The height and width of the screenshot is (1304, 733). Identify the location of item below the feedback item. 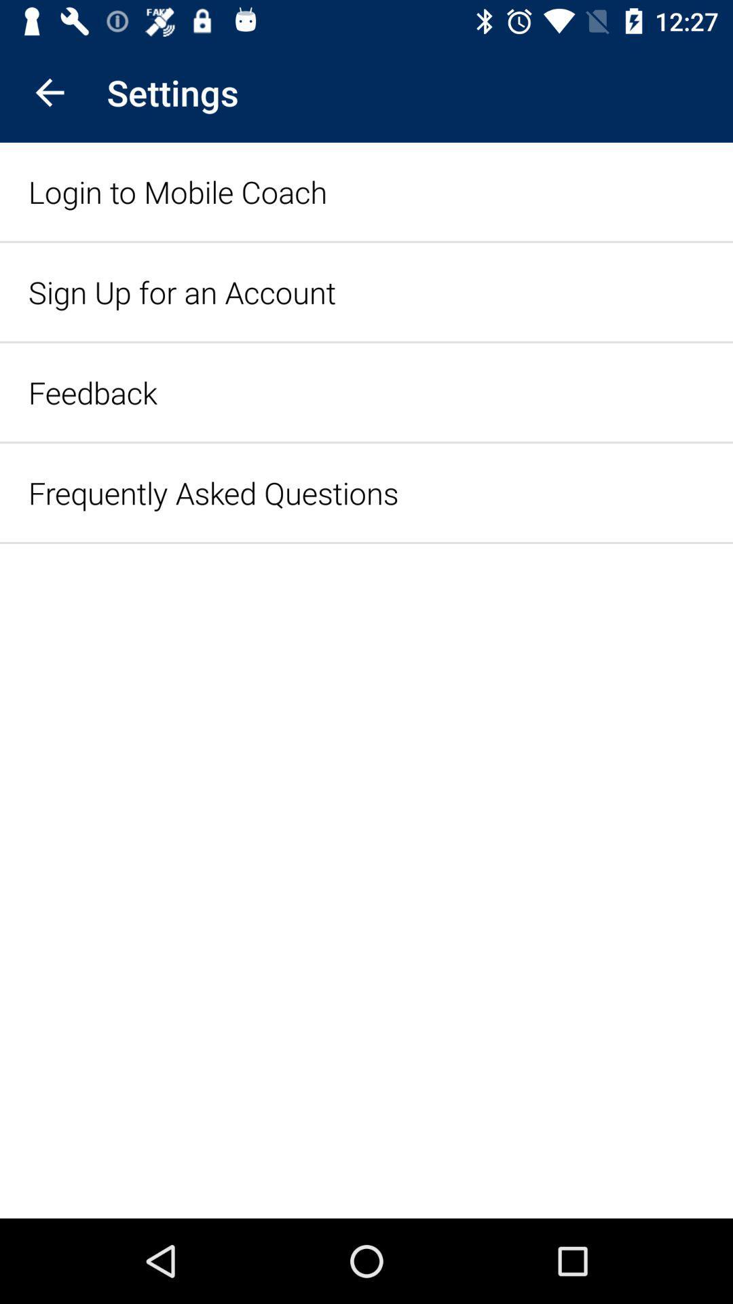
(213, 492).